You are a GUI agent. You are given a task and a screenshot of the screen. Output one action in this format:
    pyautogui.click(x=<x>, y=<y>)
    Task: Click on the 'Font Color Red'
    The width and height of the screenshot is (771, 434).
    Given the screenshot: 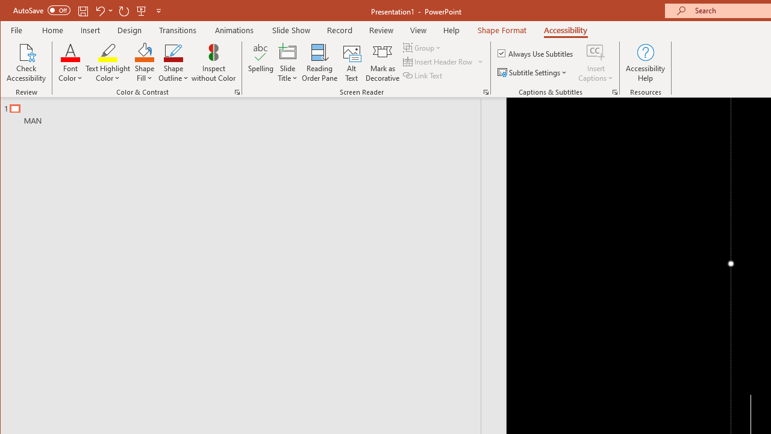 What is the action you would take?
    pyautogui.click(x=70, y=51)
    